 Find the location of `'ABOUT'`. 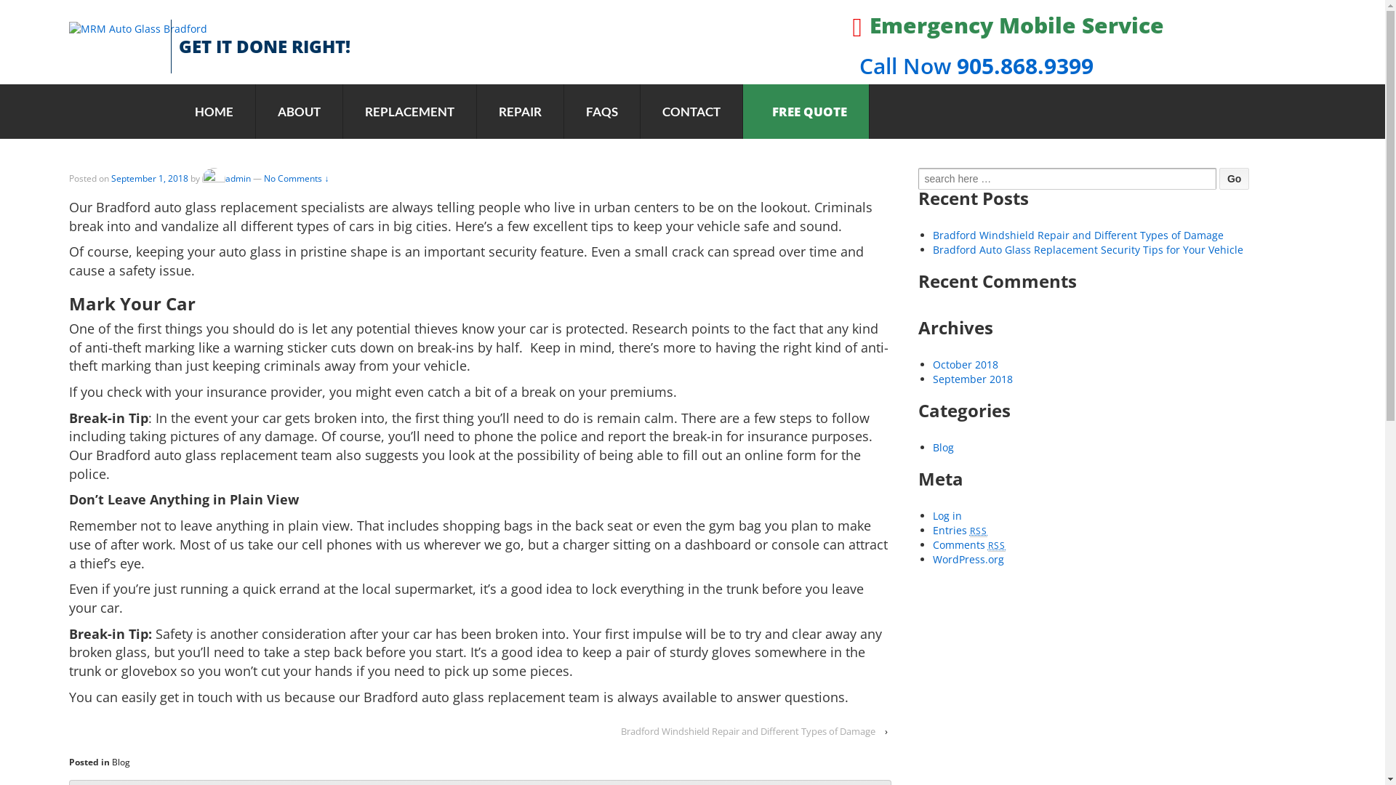

'ABOUT' is located at coordinates (298, 110).